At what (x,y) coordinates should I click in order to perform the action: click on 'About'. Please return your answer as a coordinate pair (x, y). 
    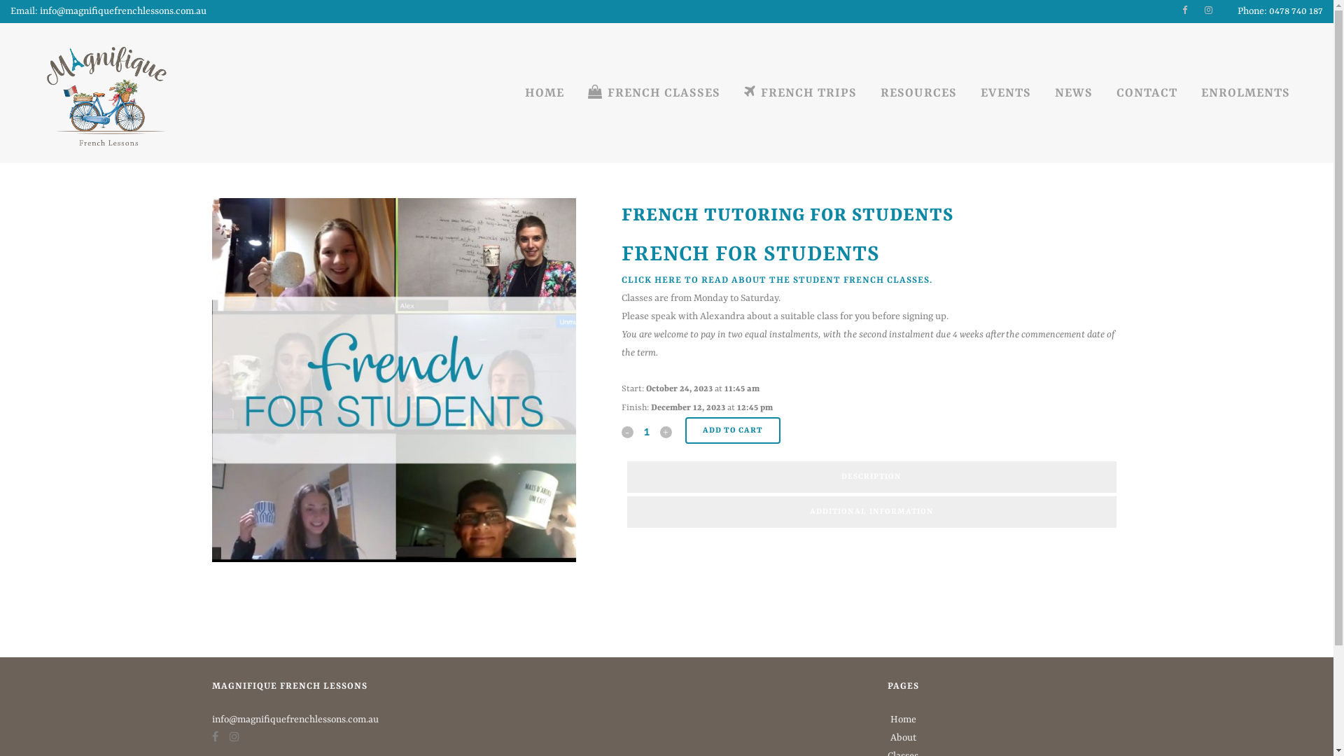
    Looking at the image, I should click on (903, 736).